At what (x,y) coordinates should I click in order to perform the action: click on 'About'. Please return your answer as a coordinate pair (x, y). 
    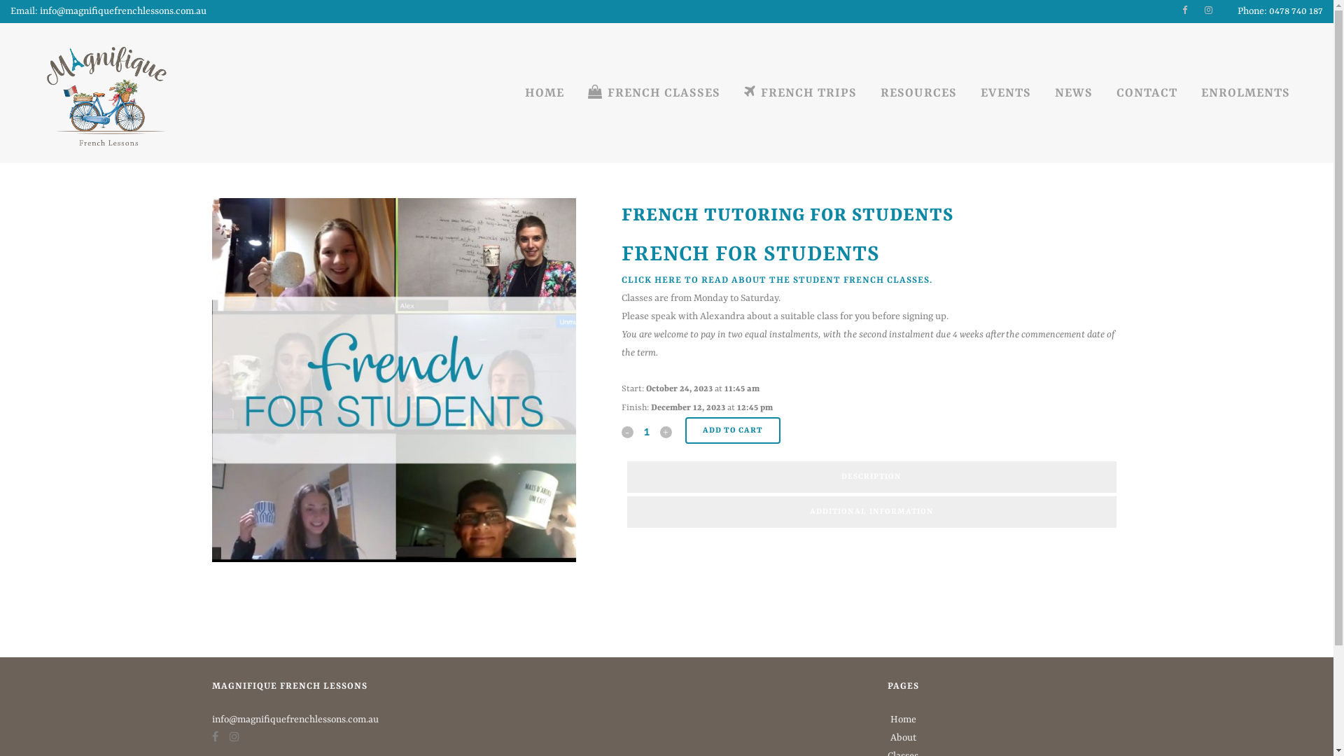
    Looking at the image, I should click on (903, 736).